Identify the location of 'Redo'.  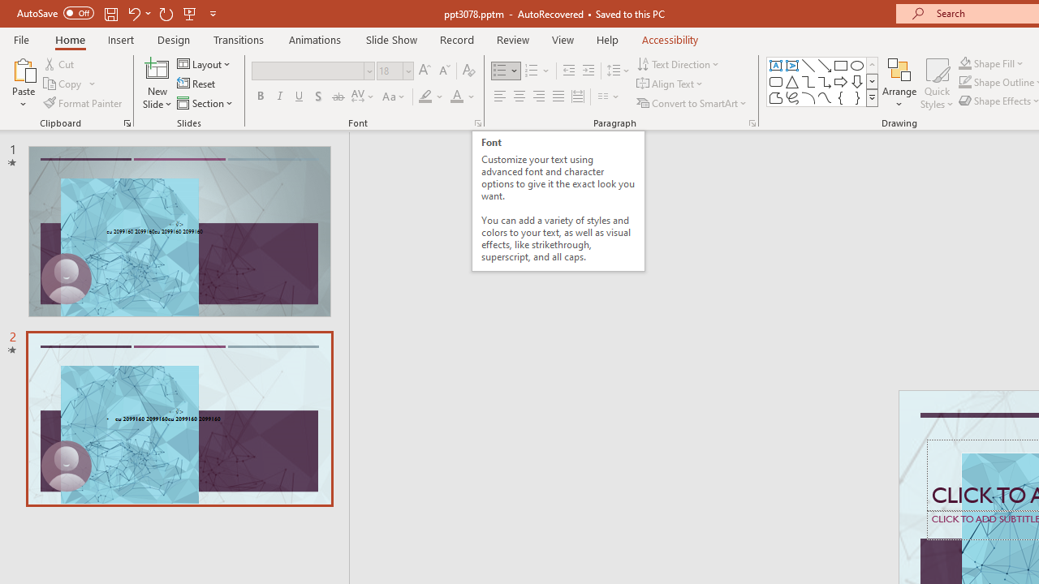
(166, 13).